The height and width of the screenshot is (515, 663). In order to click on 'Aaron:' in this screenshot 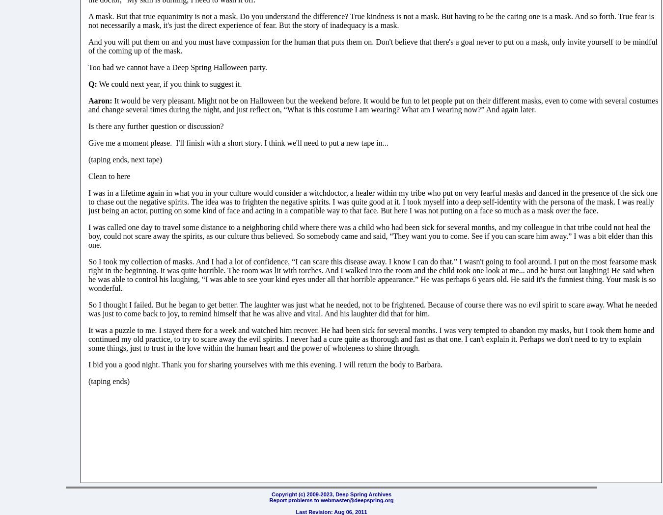, I will do `click(100, 100)`.